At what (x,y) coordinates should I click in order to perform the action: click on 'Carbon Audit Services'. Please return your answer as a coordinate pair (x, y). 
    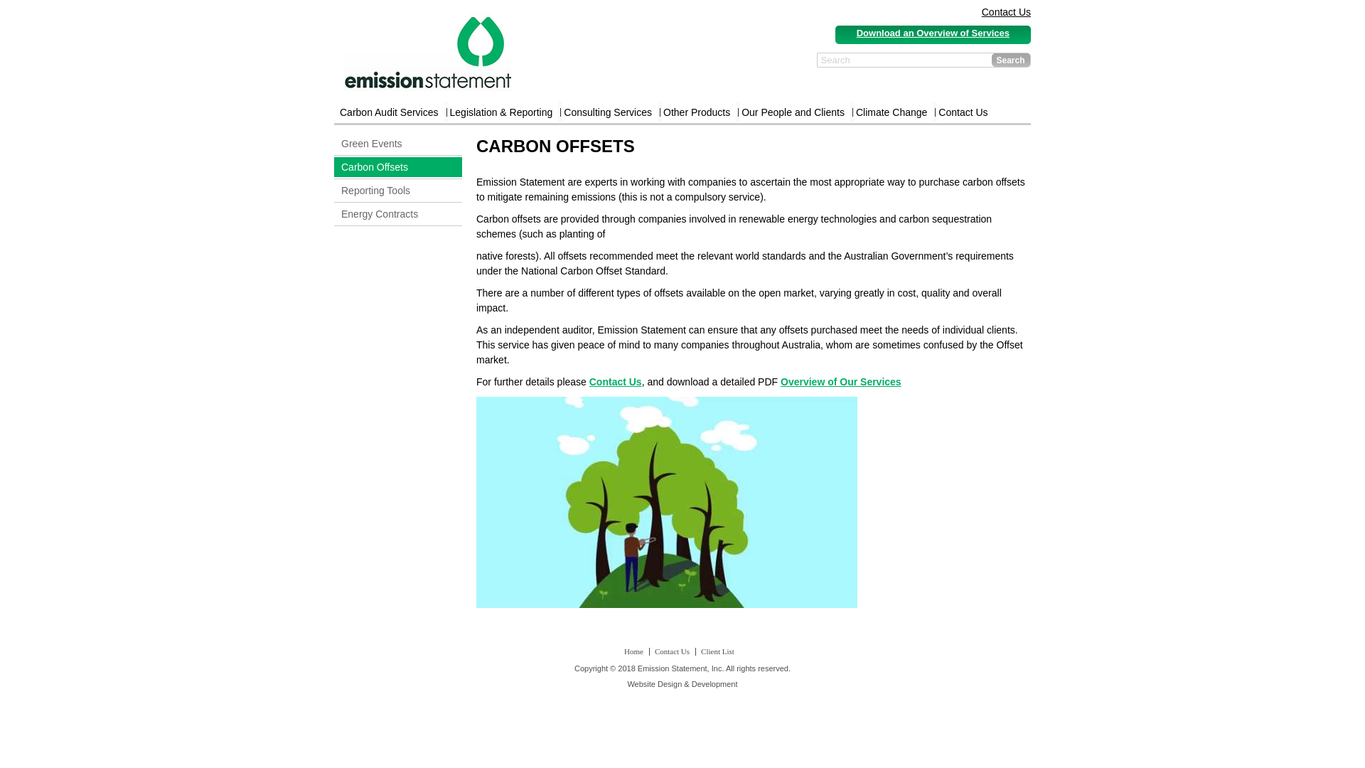
    Looking at the image, I should click on (389, 112).